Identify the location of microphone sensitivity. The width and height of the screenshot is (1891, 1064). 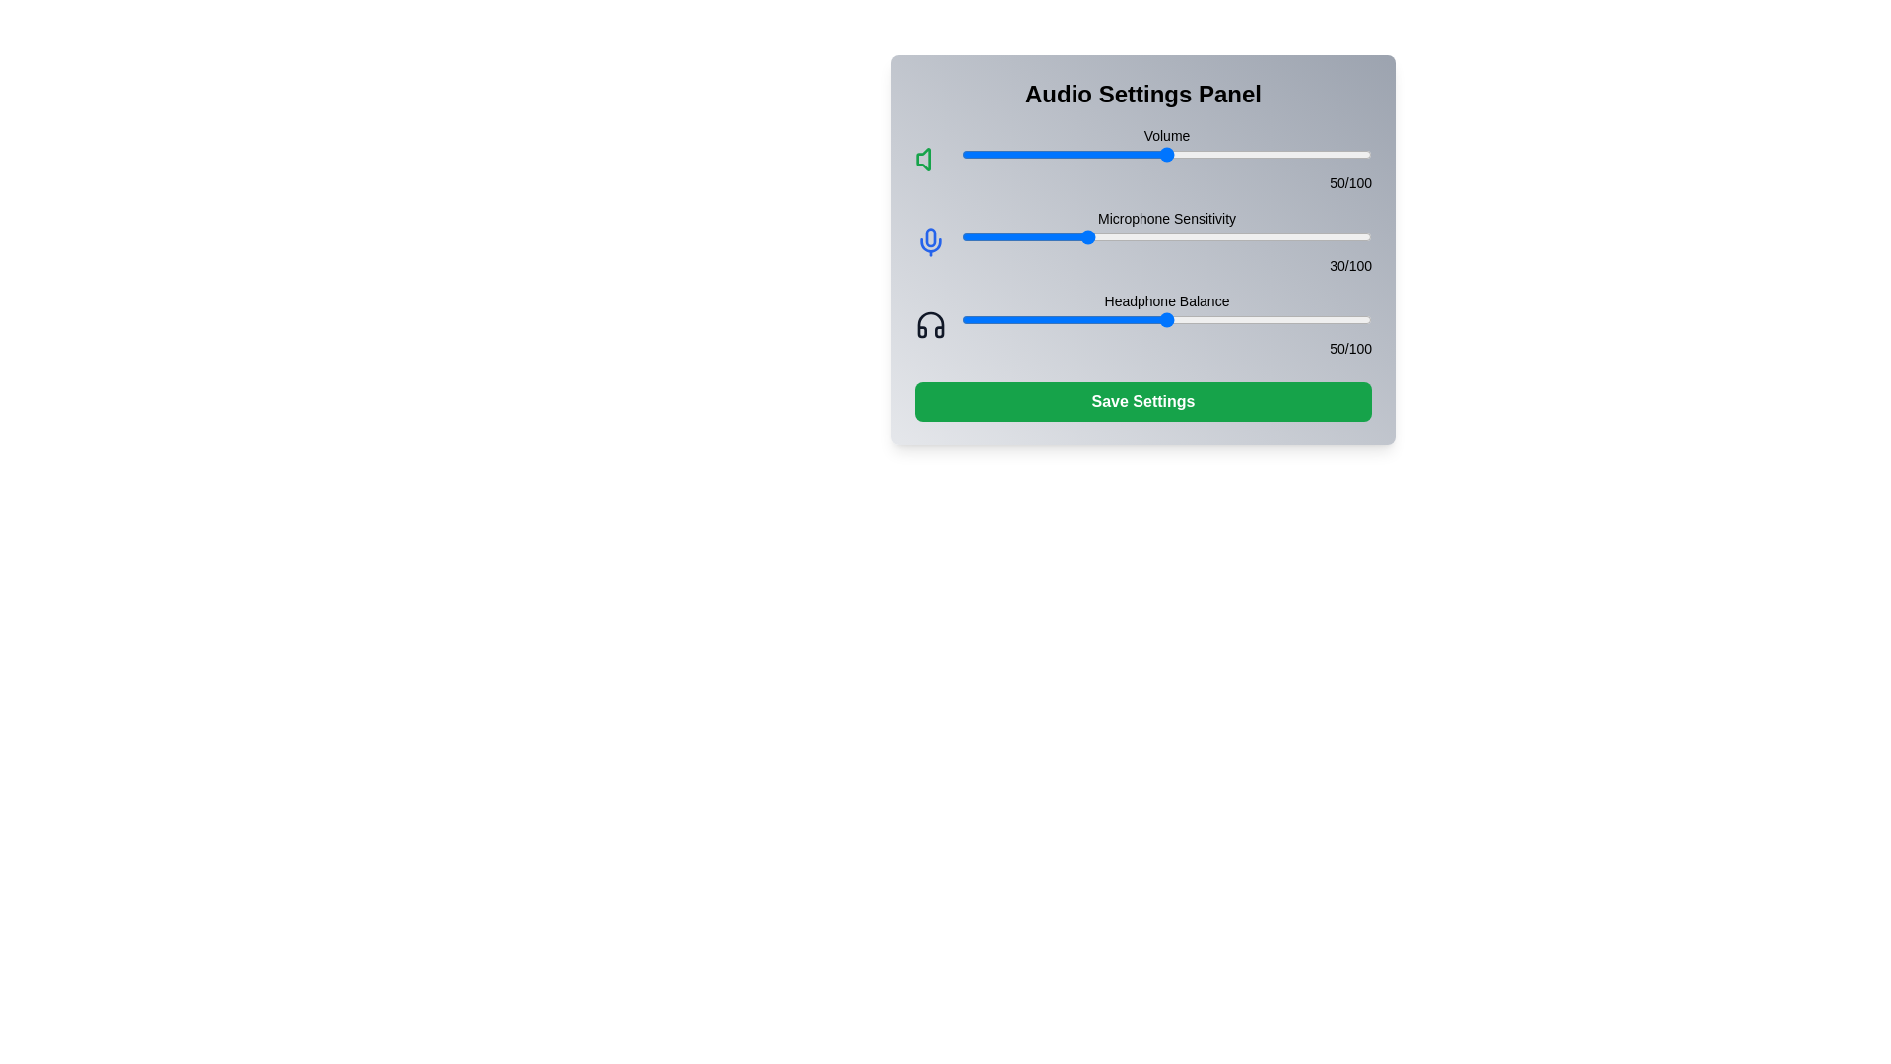
(1003, 235).